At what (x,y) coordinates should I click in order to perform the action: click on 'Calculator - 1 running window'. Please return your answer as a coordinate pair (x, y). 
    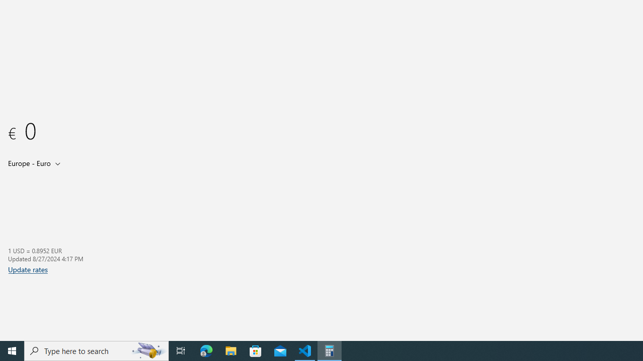
    Looking at the image, I should click on (330, 350).